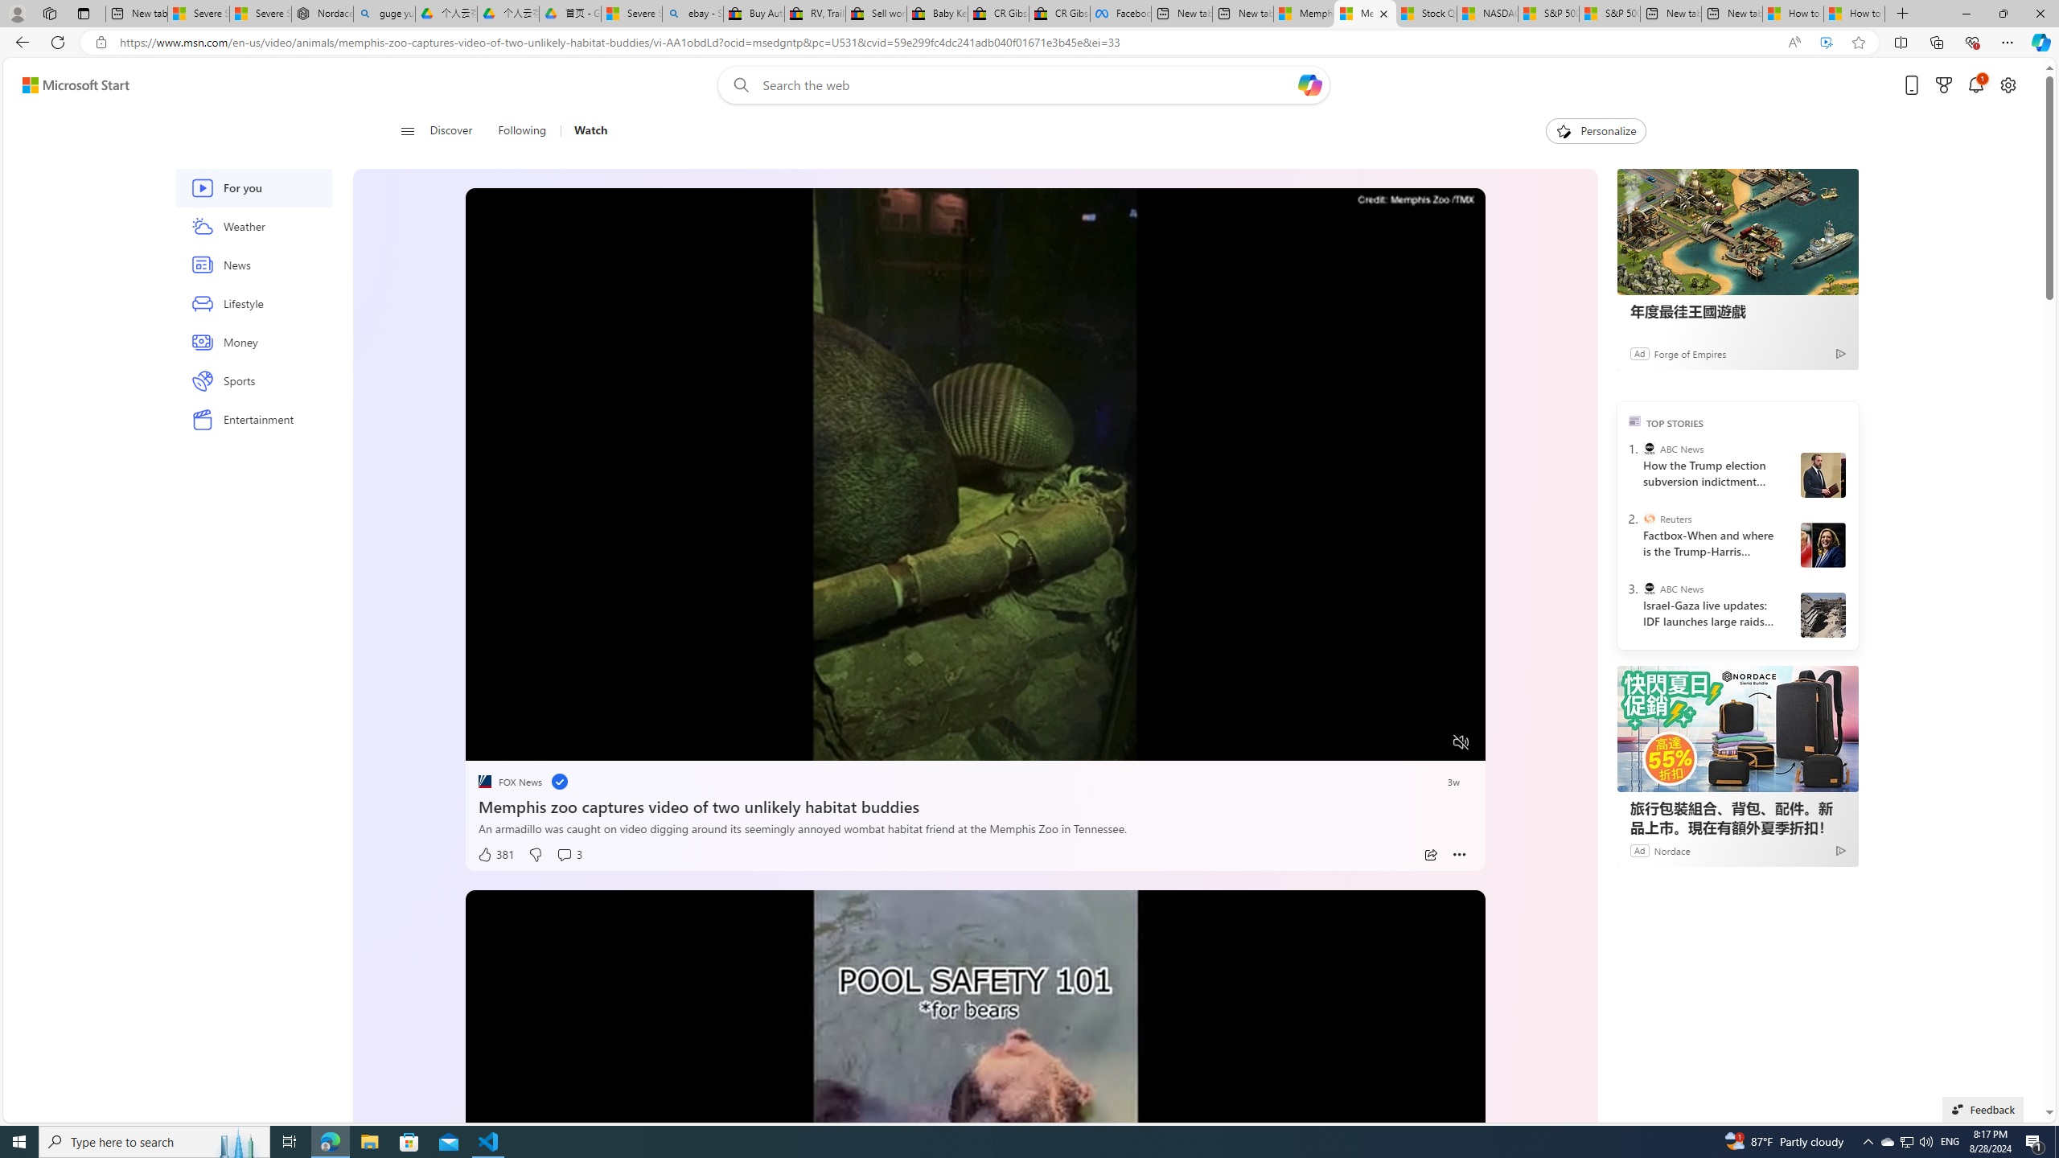  What do you see at coordinates (65, 84) in the screenshot?
I see `'Skip to footer'` at bounding box center [65, 84].